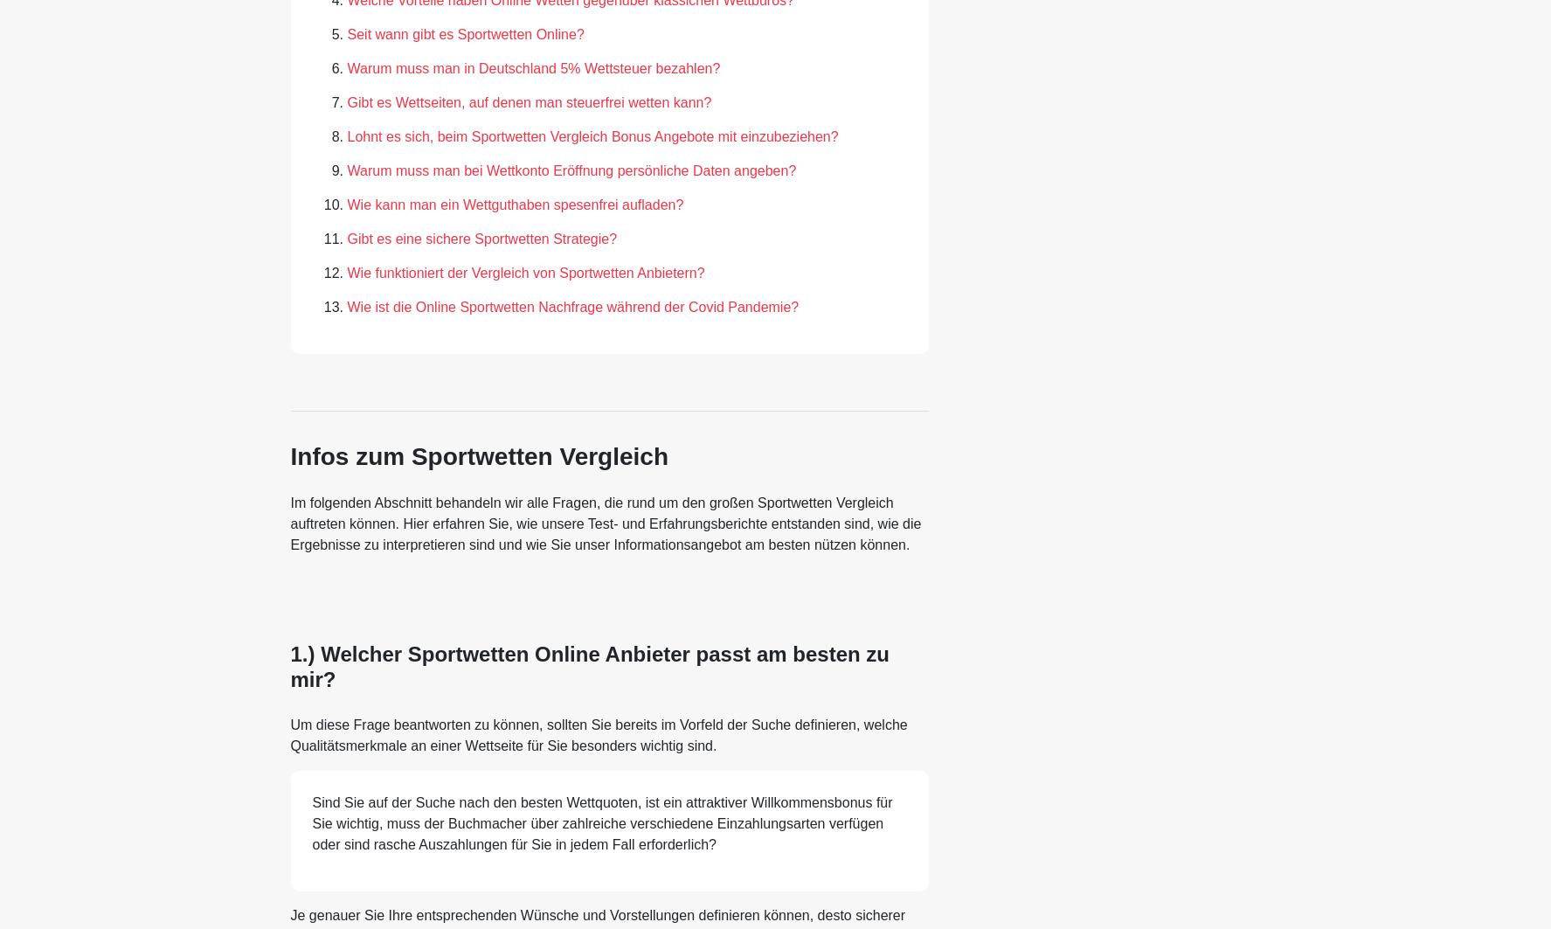 This screenshot has height=929, width=1551. I want to click on 'Wie ist die Online Sportwetten Nachfrage während der Covid Pandemie?', so click(346, 306).